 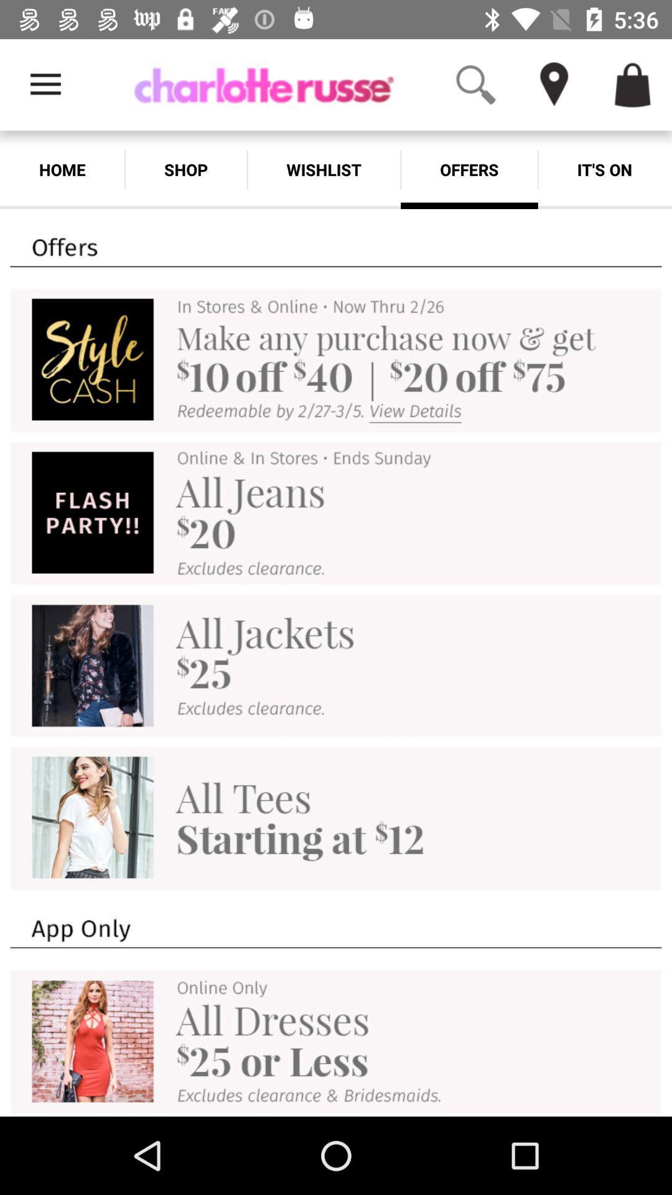 What do you see at coordinates (323, 169) in the screenshot?
I see `app next to shop app` at bounding box center [323, 169].